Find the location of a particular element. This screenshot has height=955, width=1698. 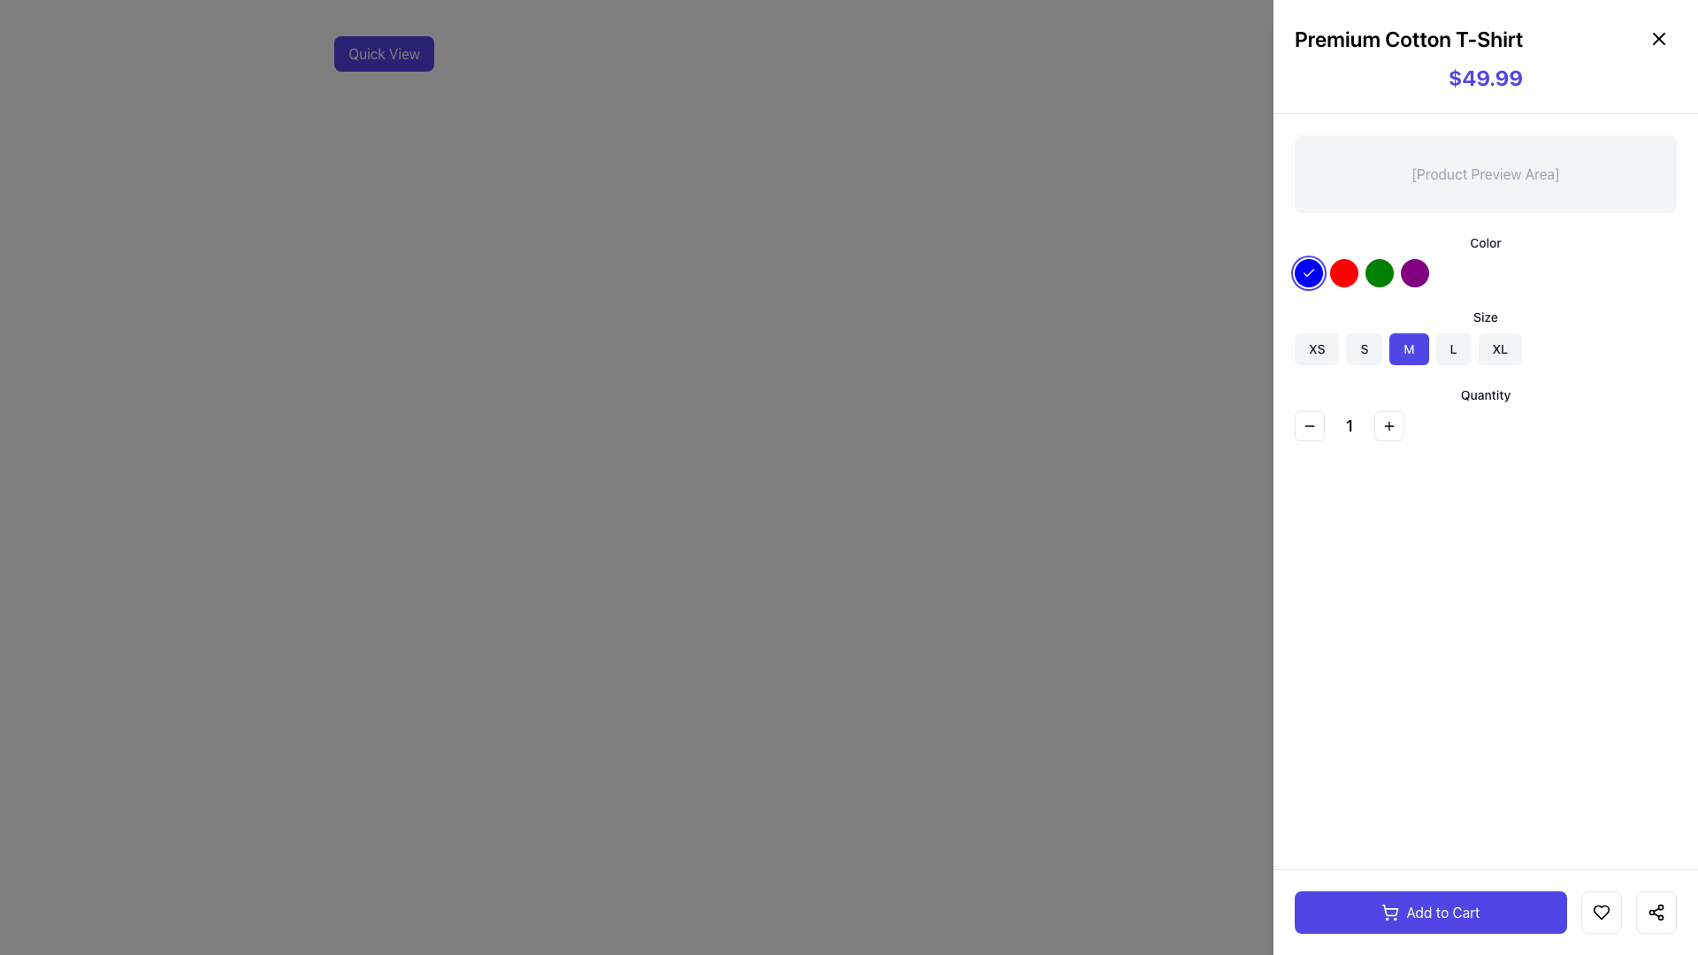

the 'Add to Cart' button containing the minimalist shopping cart icon located at the lower middle of the interface is located at coordinates (1389, 913).